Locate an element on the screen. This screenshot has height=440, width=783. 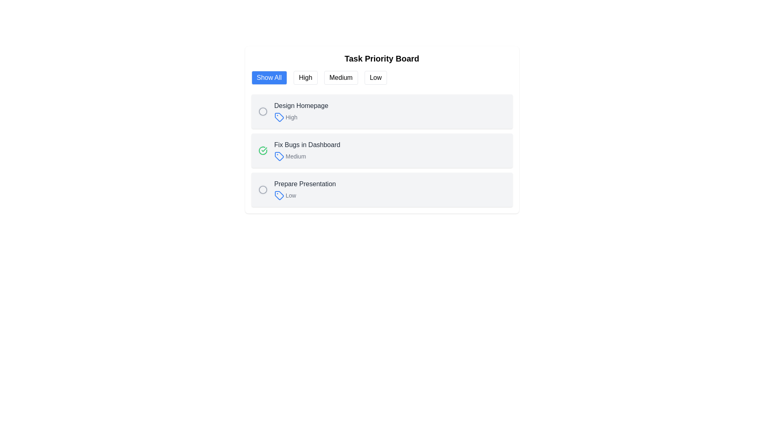
the 'Low' priority filter button, which is the fourth button in a horizontal group of four, located next to the 'Medium' button under the 'Task Priority Board' title is located at coordinates (375, 78).